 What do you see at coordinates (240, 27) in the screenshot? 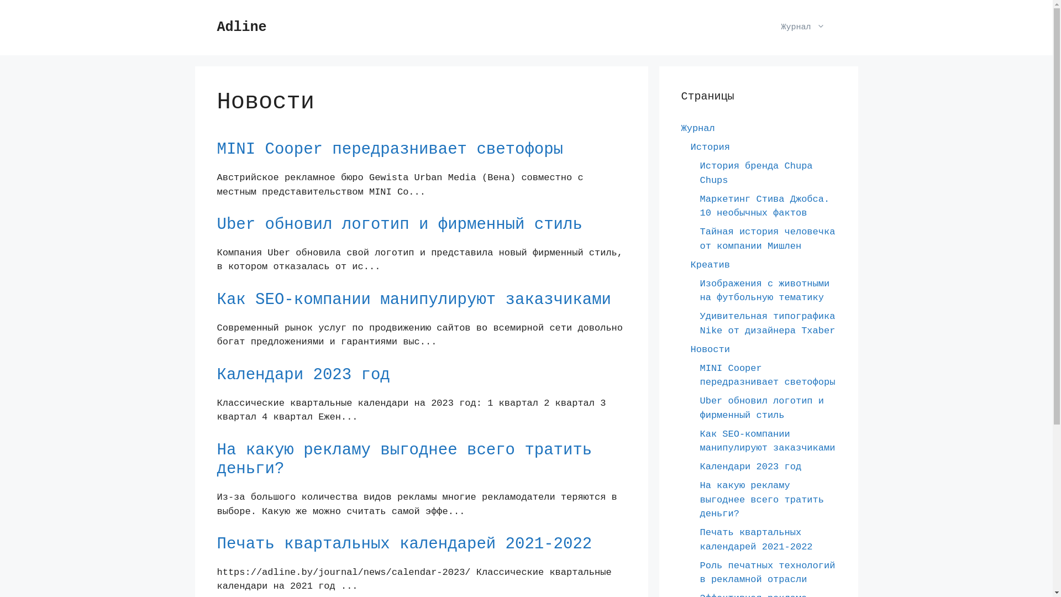
I see `'Adline'` at bounding box center [240, 27].